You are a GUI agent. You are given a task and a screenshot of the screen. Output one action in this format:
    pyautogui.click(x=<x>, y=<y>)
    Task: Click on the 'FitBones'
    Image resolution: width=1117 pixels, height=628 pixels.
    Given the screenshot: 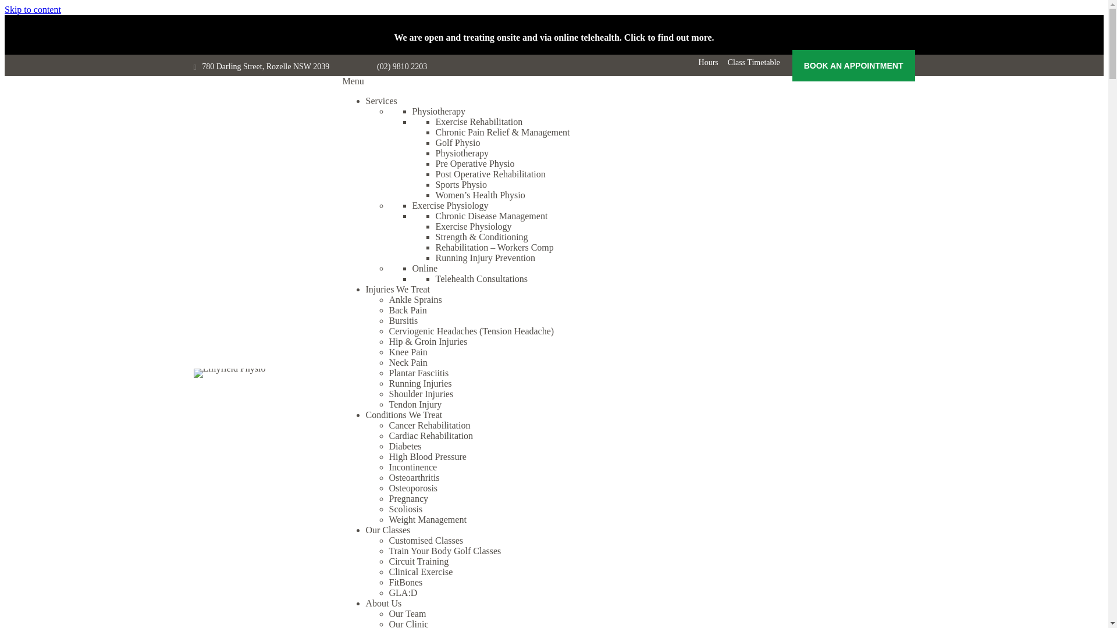 What is the action you would take?
    pyautogui.click(x=405, y=582)
    